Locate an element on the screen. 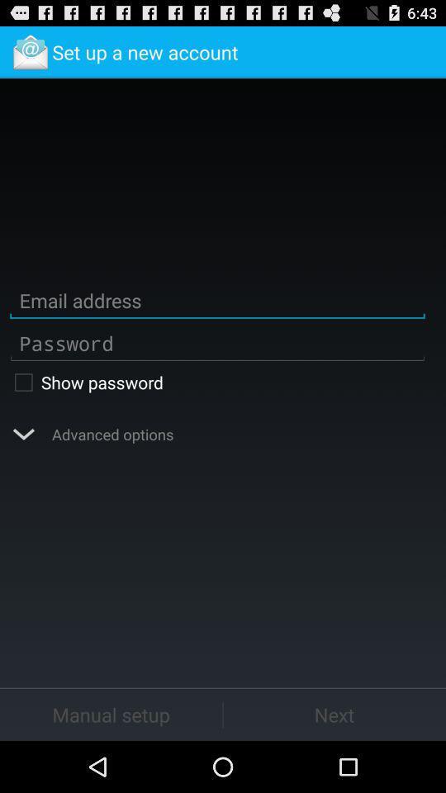 The width and height of the screenshot is (446, 793). the icon next to manual setup icon is located at coordinates (334, 714).